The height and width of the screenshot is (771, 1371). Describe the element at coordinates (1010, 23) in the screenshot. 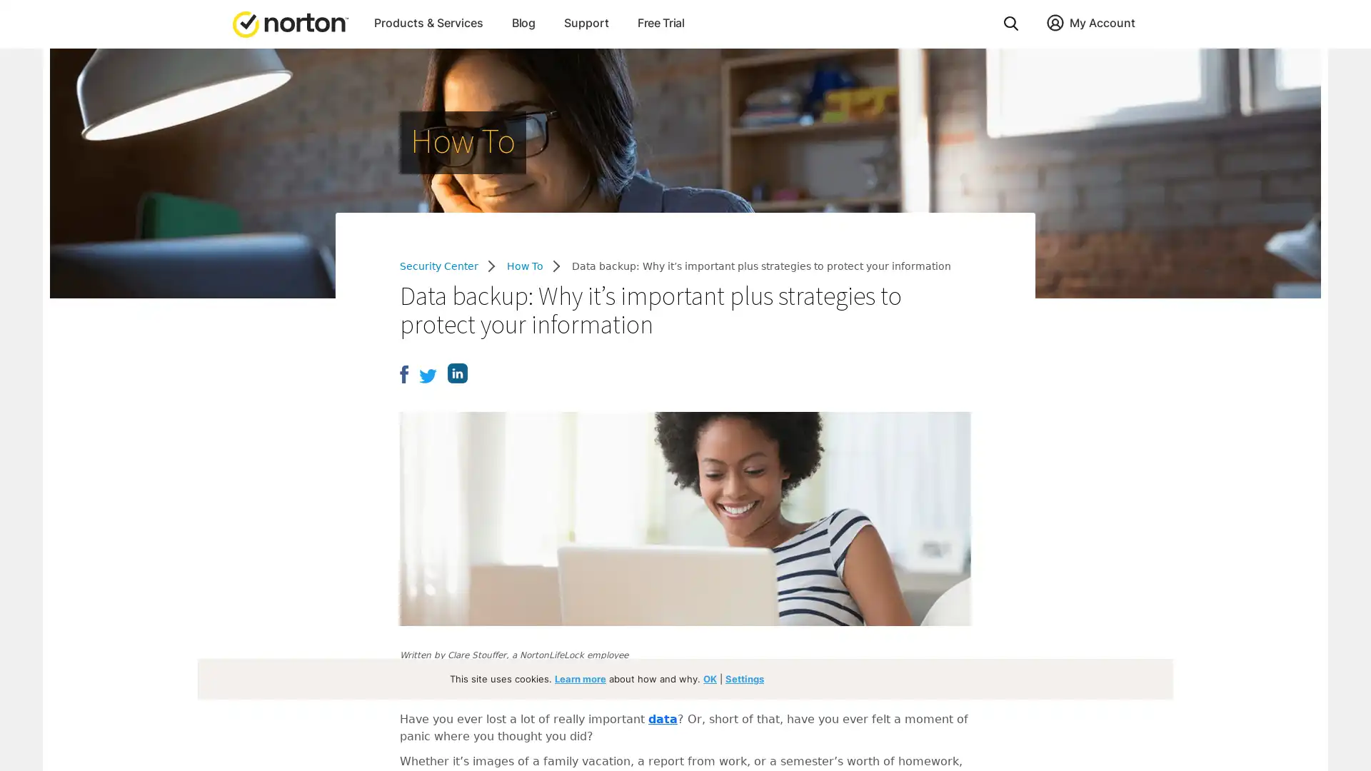

I see `Search` at that location.